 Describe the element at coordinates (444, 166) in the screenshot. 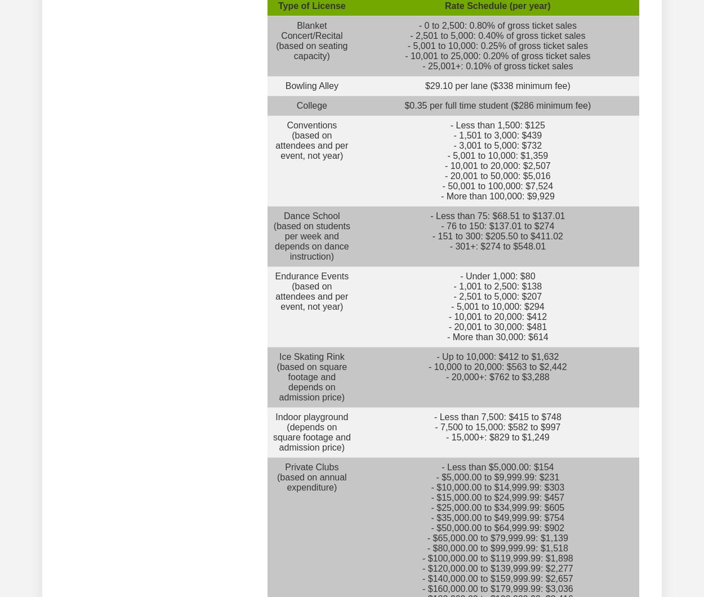

I see `'- 10,001 to 20,000: $2,507'` at that location.